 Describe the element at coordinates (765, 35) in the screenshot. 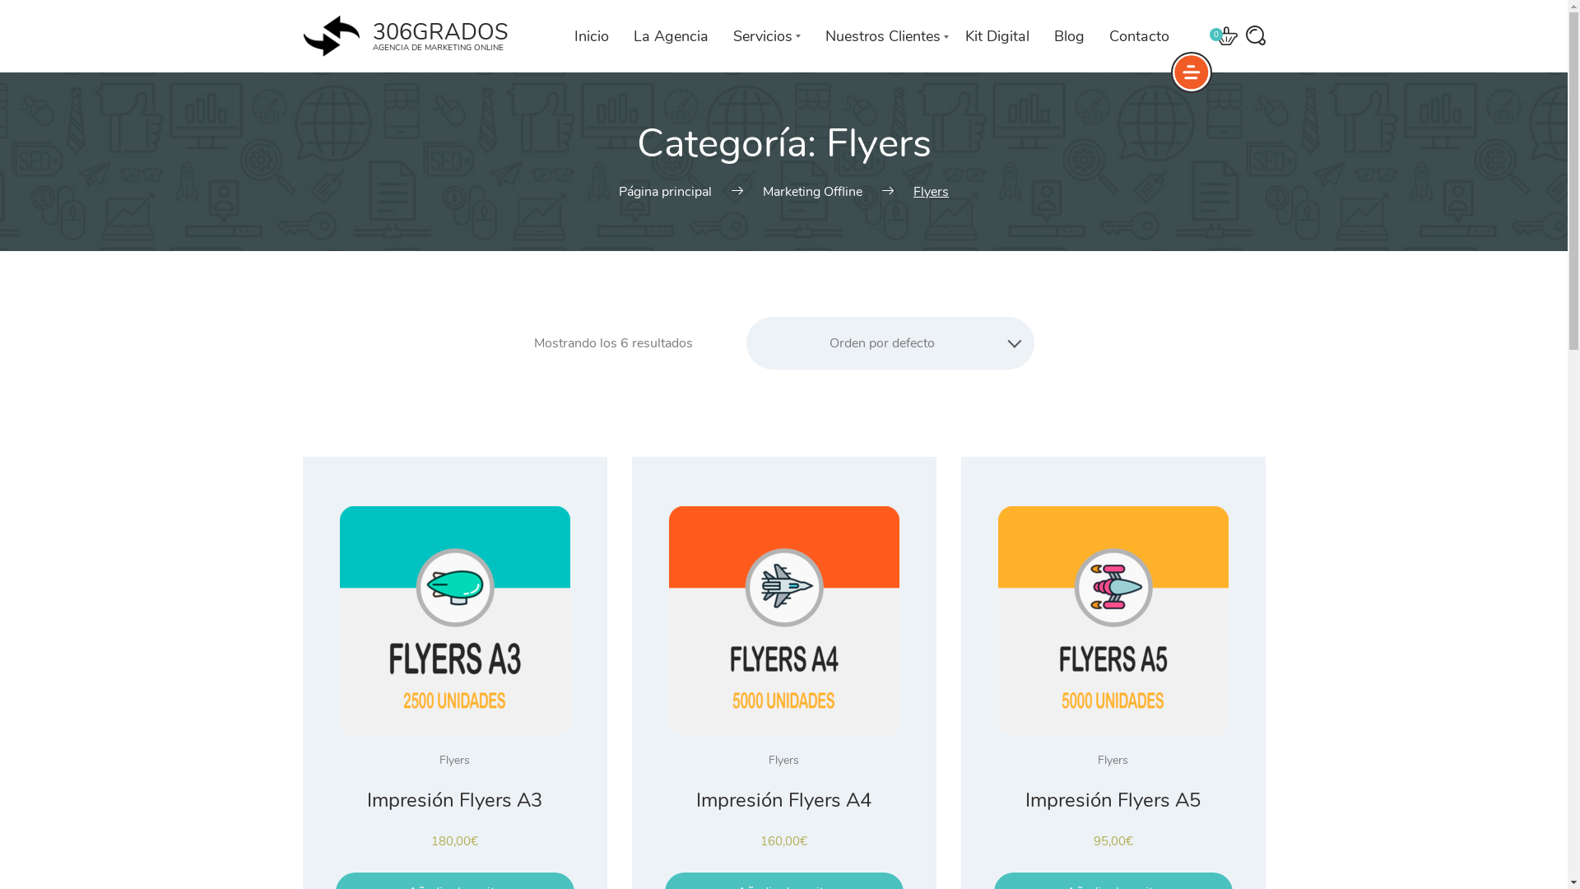

I see `'Servicios'` at that location.